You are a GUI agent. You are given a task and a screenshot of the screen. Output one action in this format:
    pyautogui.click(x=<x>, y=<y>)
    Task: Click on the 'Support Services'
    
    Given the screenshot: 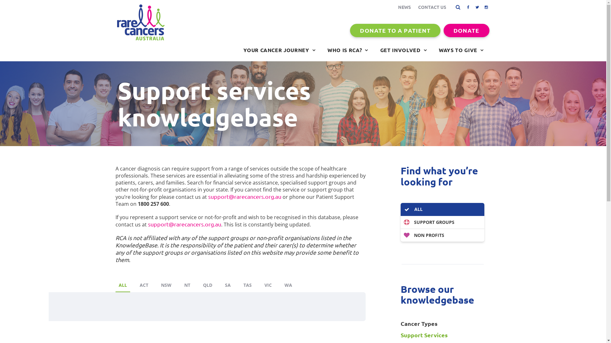 What is the action you would take?
    pyautogui.click(x=442, y=335)
    